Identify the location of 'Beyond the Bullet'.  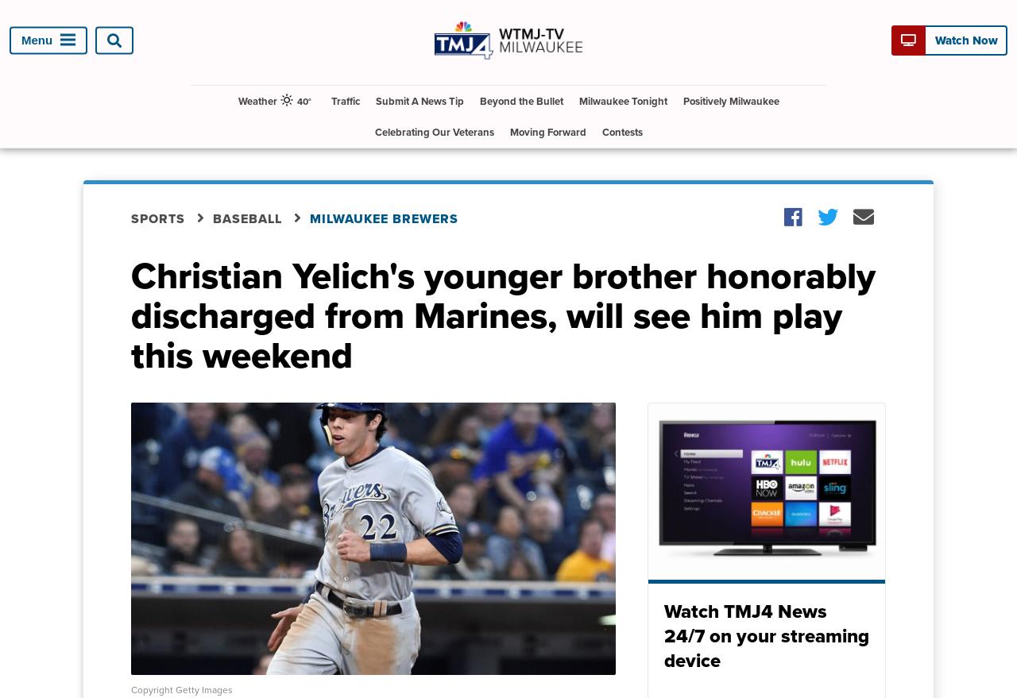
(520, 100).